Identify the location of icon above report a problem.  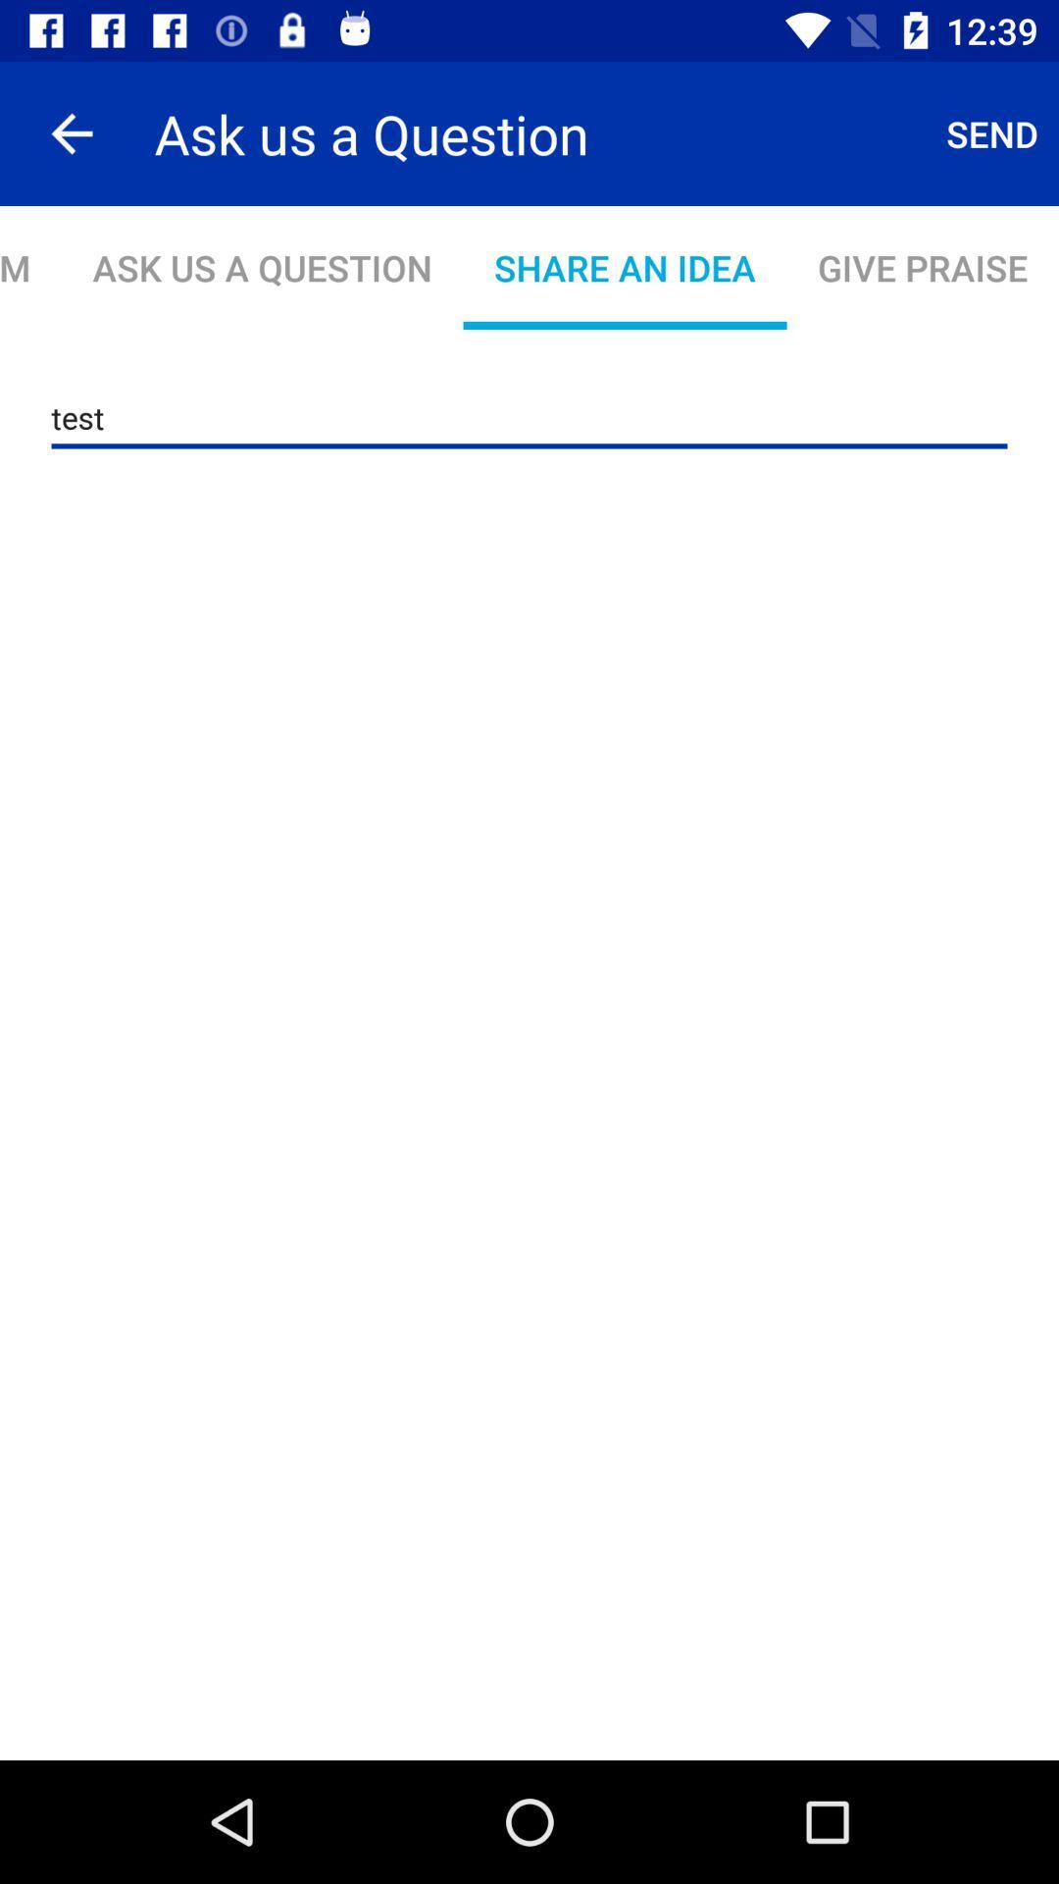
(71, 132).